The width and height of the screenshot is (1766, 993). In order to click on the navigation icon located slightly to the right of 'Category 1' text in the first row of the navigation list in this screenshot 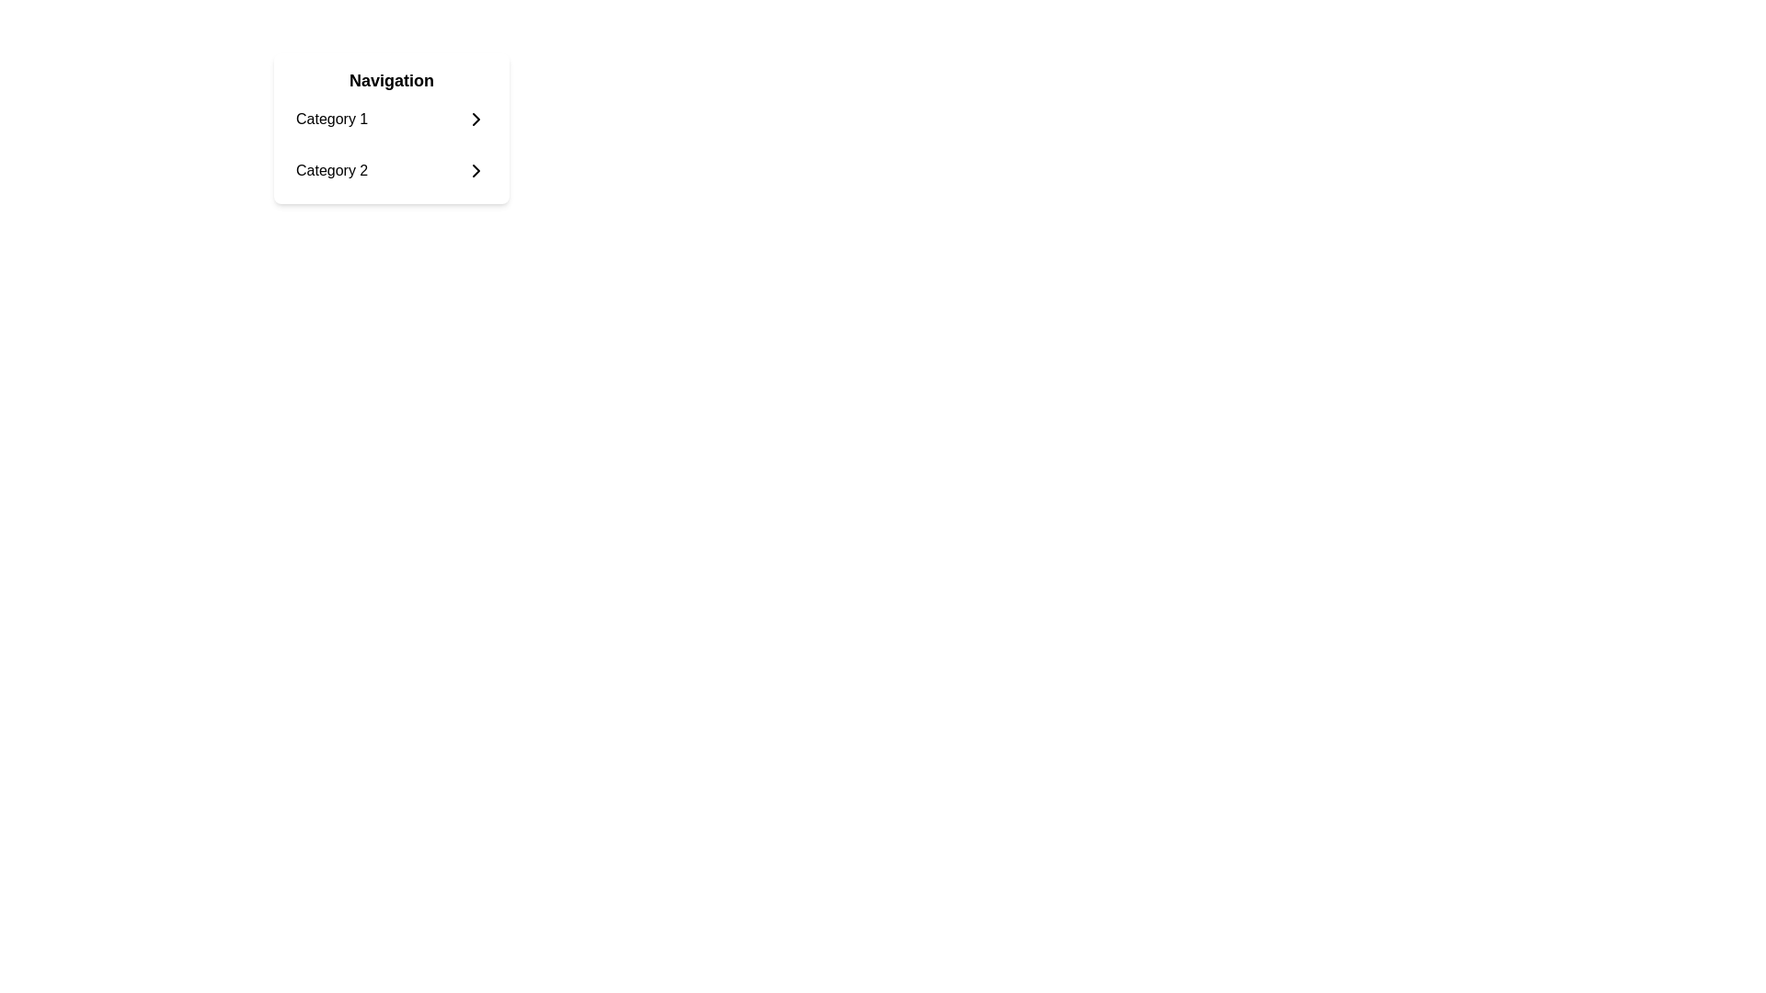, I will do `click(476, 120)`.